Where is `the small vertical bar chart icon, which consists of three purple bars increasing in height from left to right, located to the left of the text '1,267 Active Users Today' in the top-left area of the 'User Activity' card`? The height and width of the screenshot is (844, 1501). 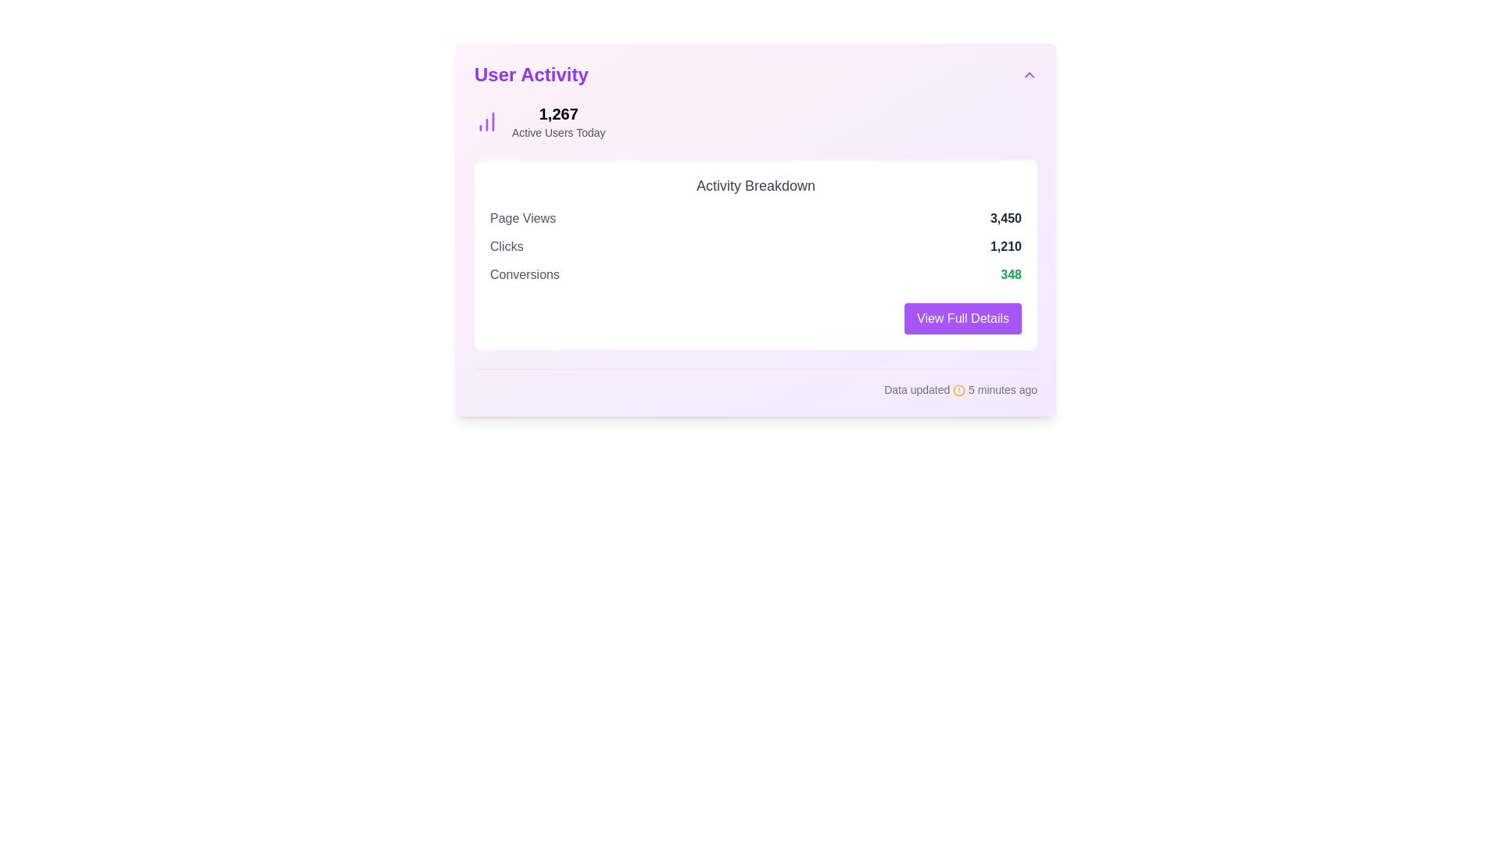 the small vertical bar chart icon, which consists of three purple bars increasing in height from left to right, located to the left of the text '1,267 Active Users Today' in the top-left area of the 'User Activity' card is located at coordinates (486, 120).